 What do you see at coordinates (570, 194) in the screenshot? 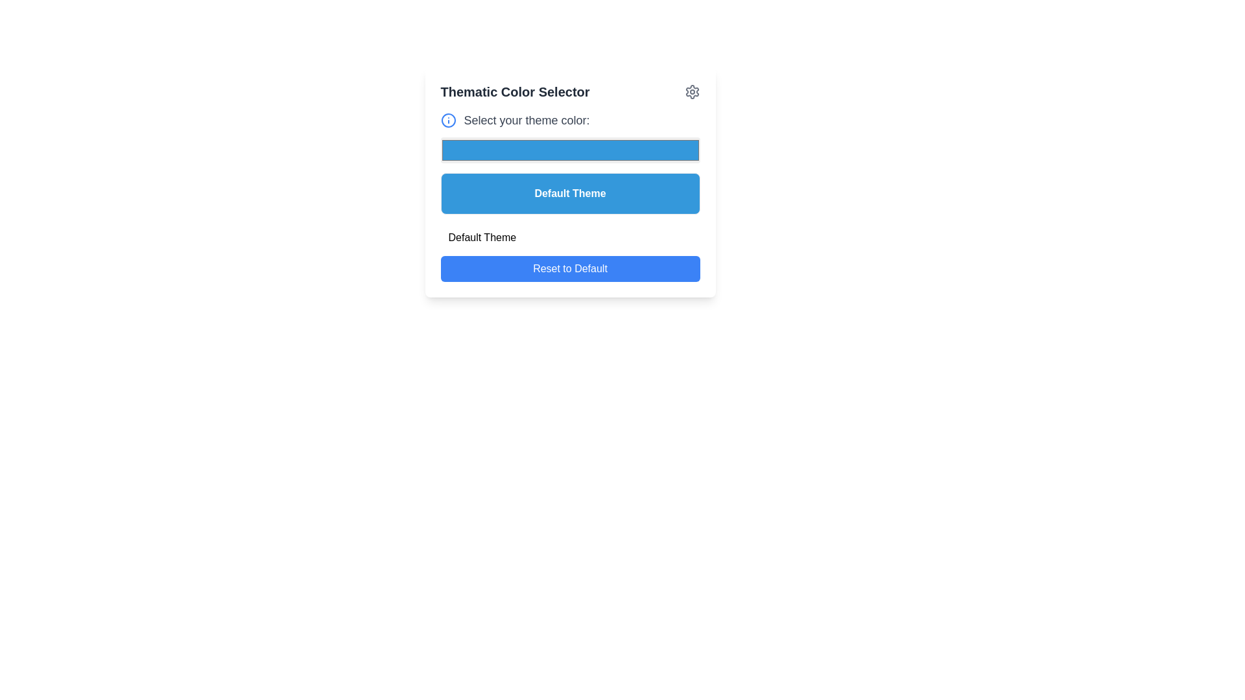
I see `the Display label button, which has a vibrant blue background and displays 'Default Theme' in bold white text` at bounding box center [570, 194].